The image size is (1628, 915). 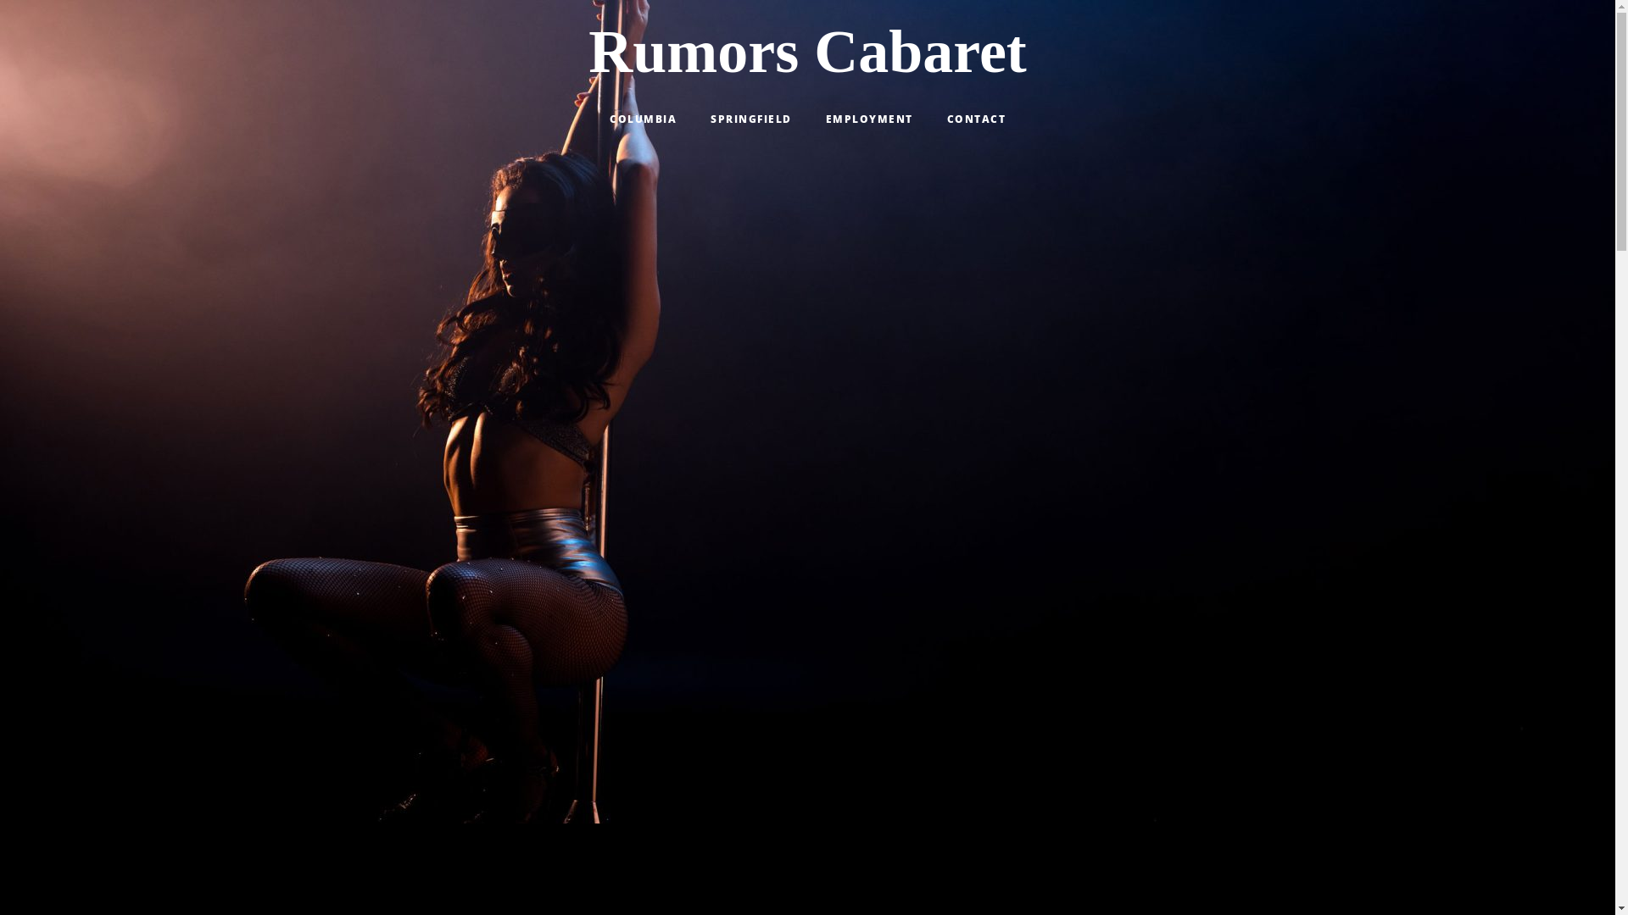 I want to click on 'EMPLOYMENT', so click(x=869, y=118).